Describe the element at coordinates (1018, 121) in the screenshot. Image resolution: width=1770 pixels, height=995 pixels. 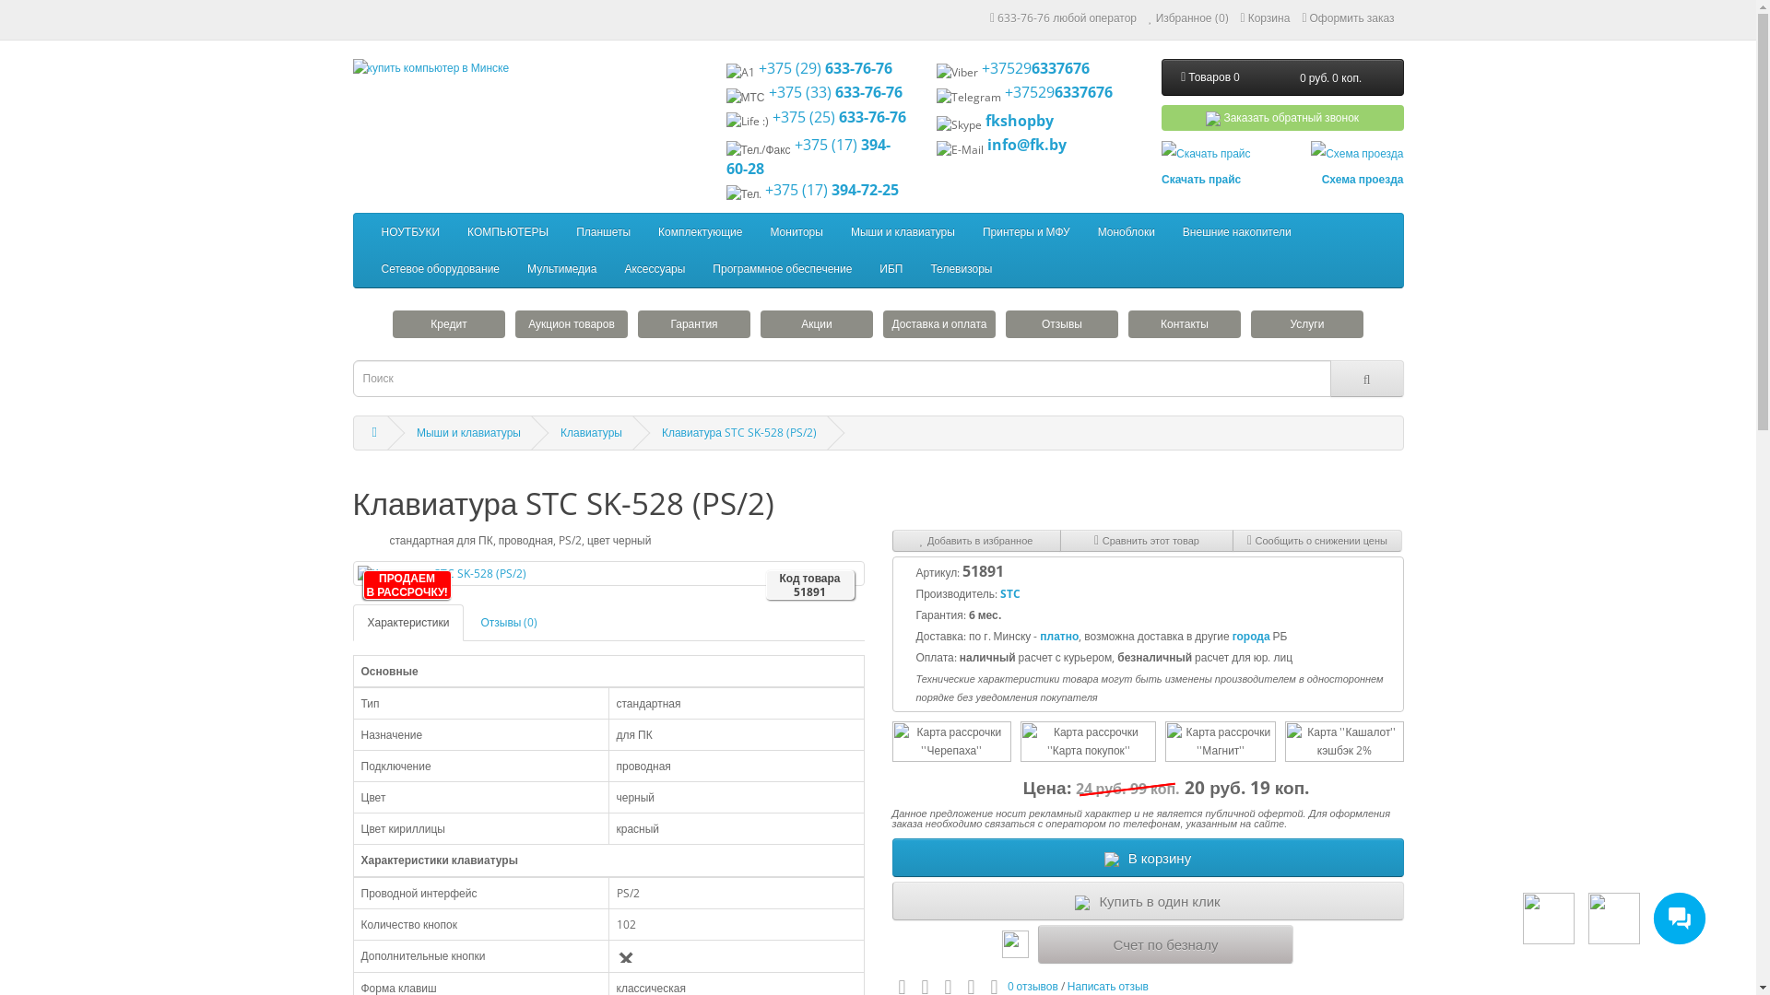
I see `'fkshopby'` at that location.